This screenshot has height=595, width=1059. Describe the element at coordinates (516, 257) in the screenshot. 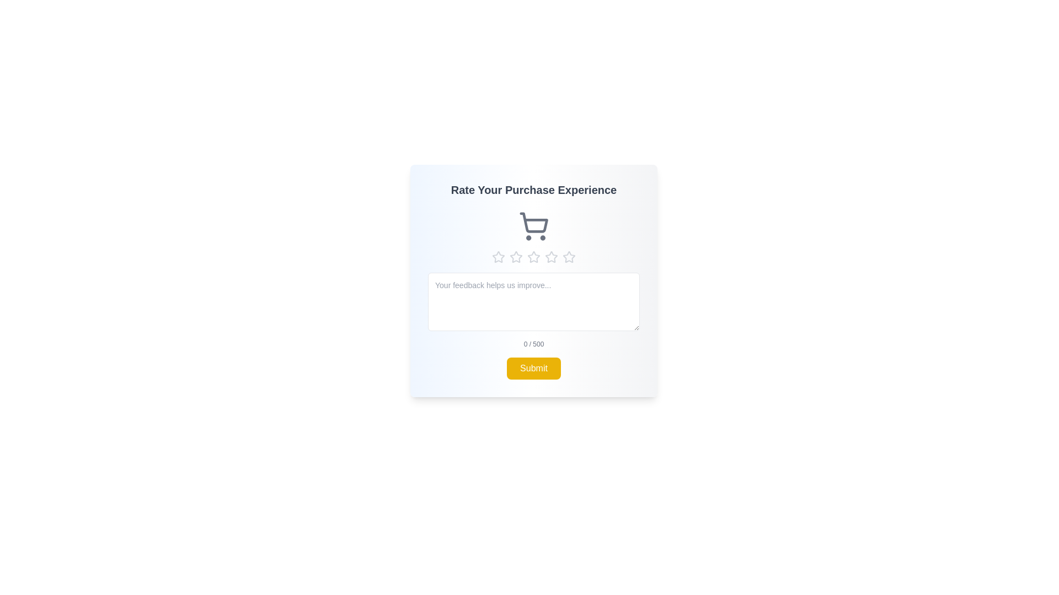

I see `the star corresponding to the desired rating of 2` at that location.